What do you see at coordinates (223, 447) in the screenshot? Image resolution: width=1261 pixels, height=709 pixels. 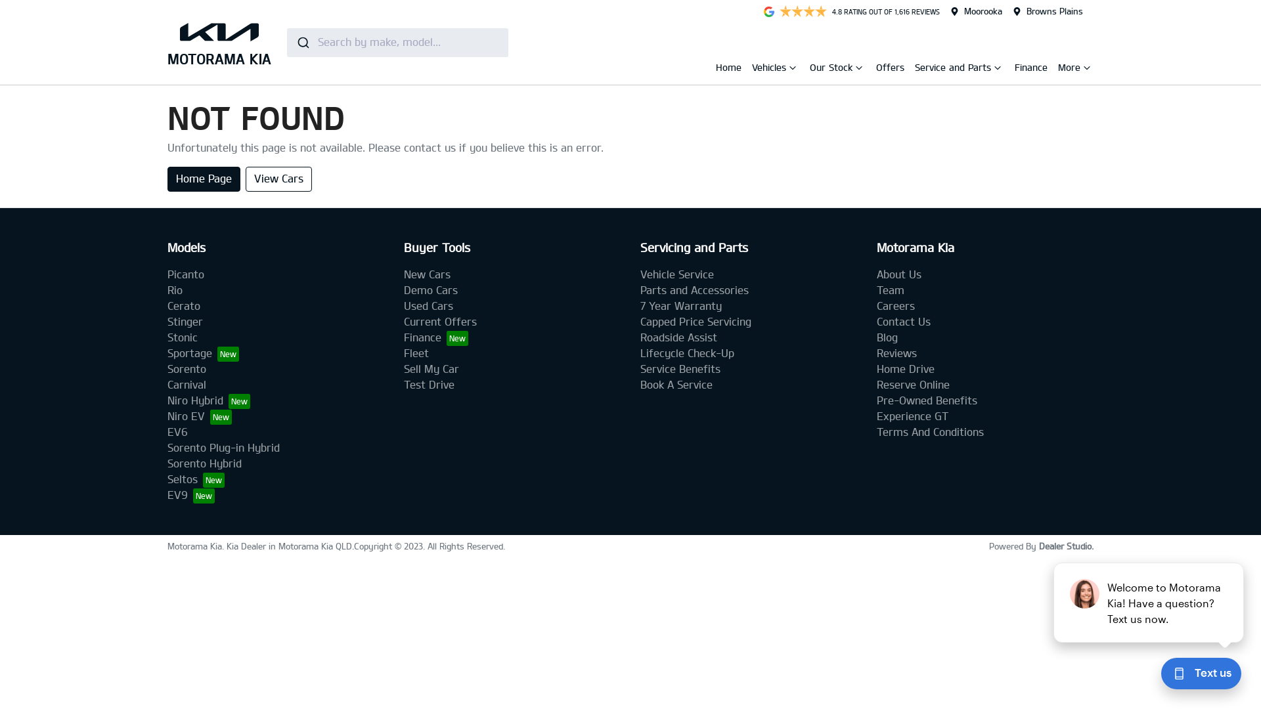 I see `'Sorento Plug-in Hybrid'` at bounding box center [223, 447].